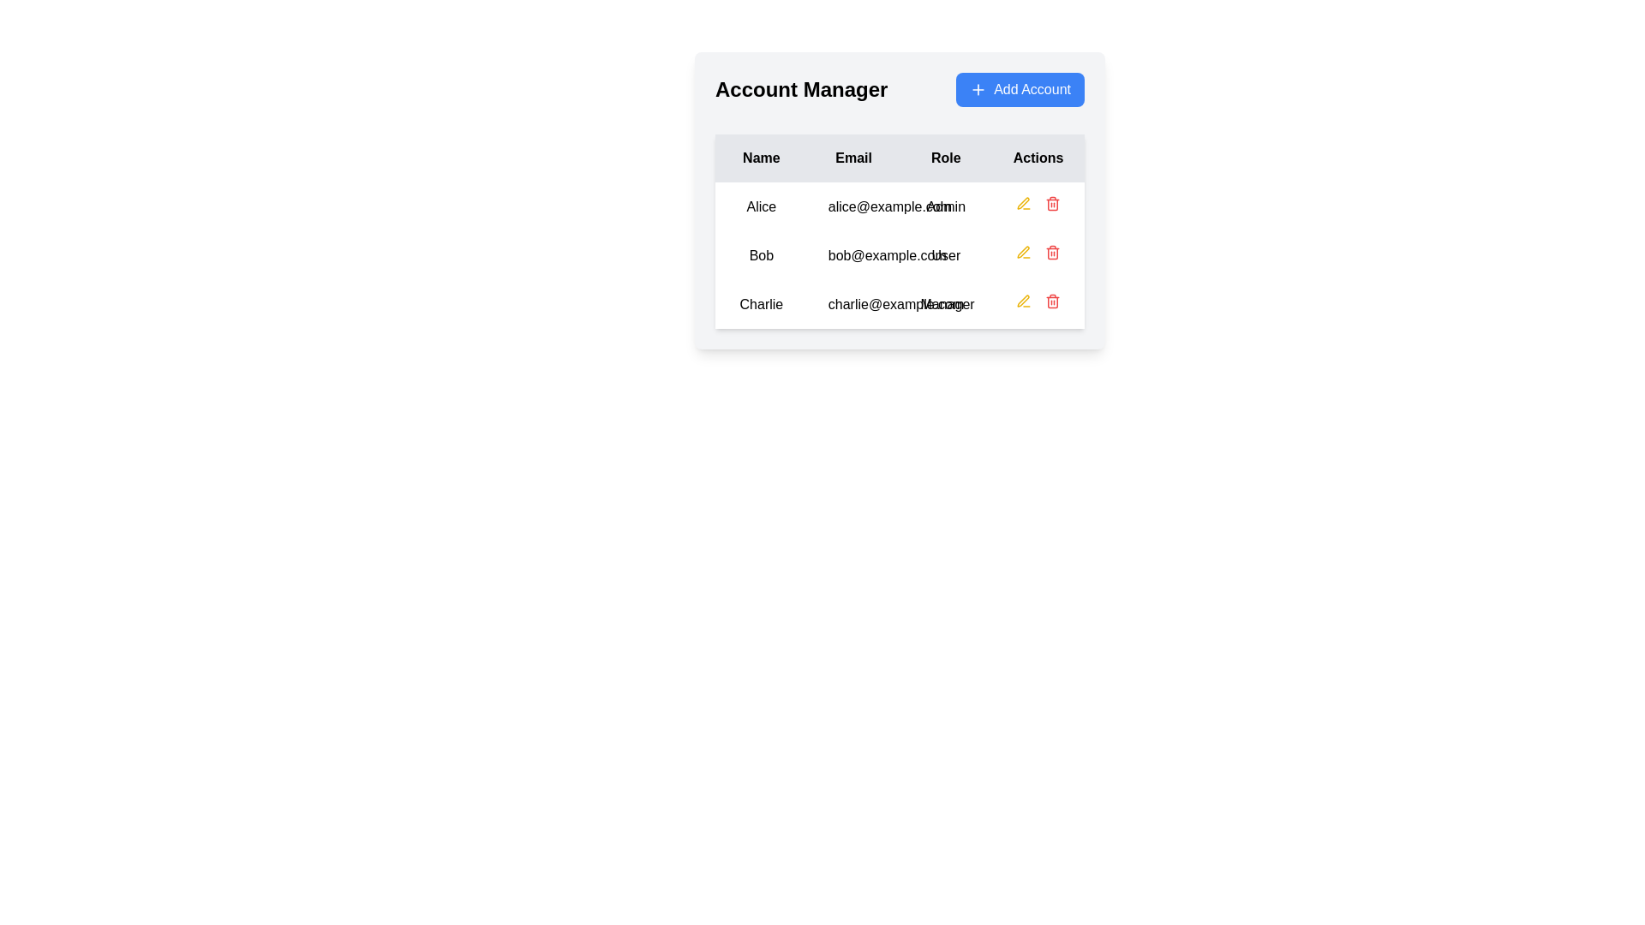 The image size is (1645, 925). What do you see at coordinates (899, 255) in the screenshot?
I see `the second row of the user information table that contains 'Bob', 'bob@example.com', and 'User'` at bounding box center [899, 255].